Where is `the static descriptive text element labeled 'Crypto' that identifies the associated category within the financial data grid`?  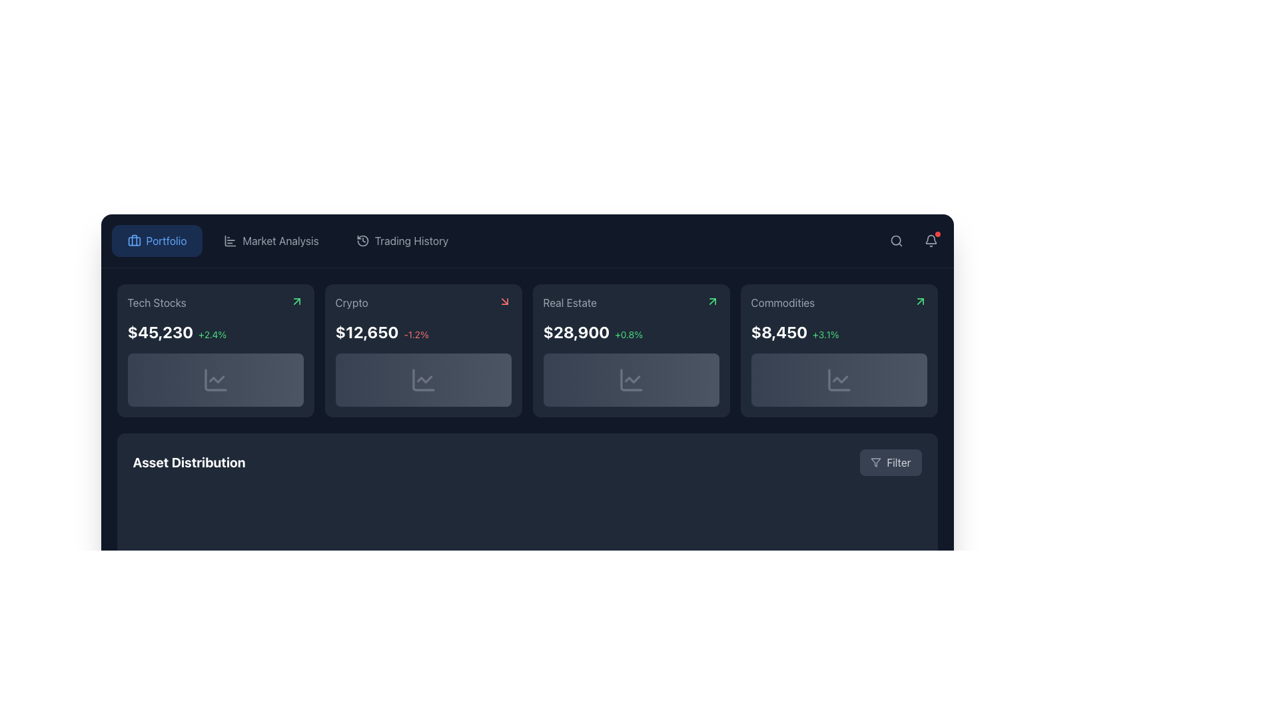 the static descriptive text element labeled 'Crypto' that identifies the associated category within the financial data grid is located at coordinates (352, 303).